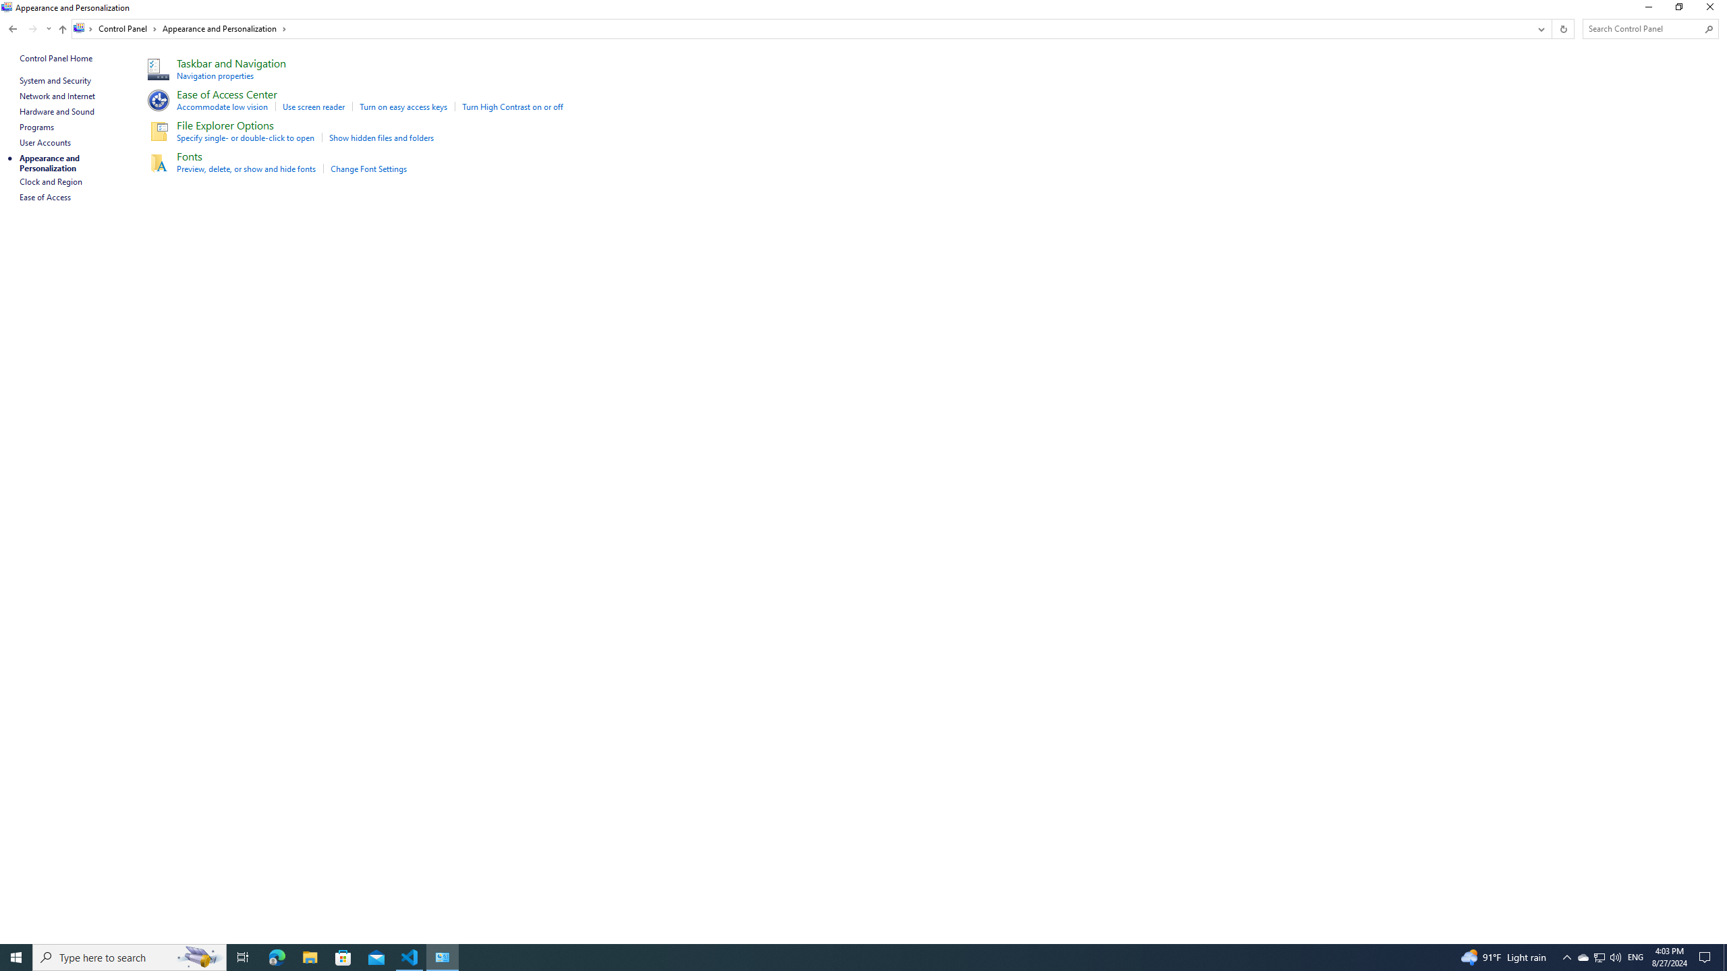 The width and height of the screenshot is (1727, 971). I want to click on 'Ease of Access Center', so click(226, 93).